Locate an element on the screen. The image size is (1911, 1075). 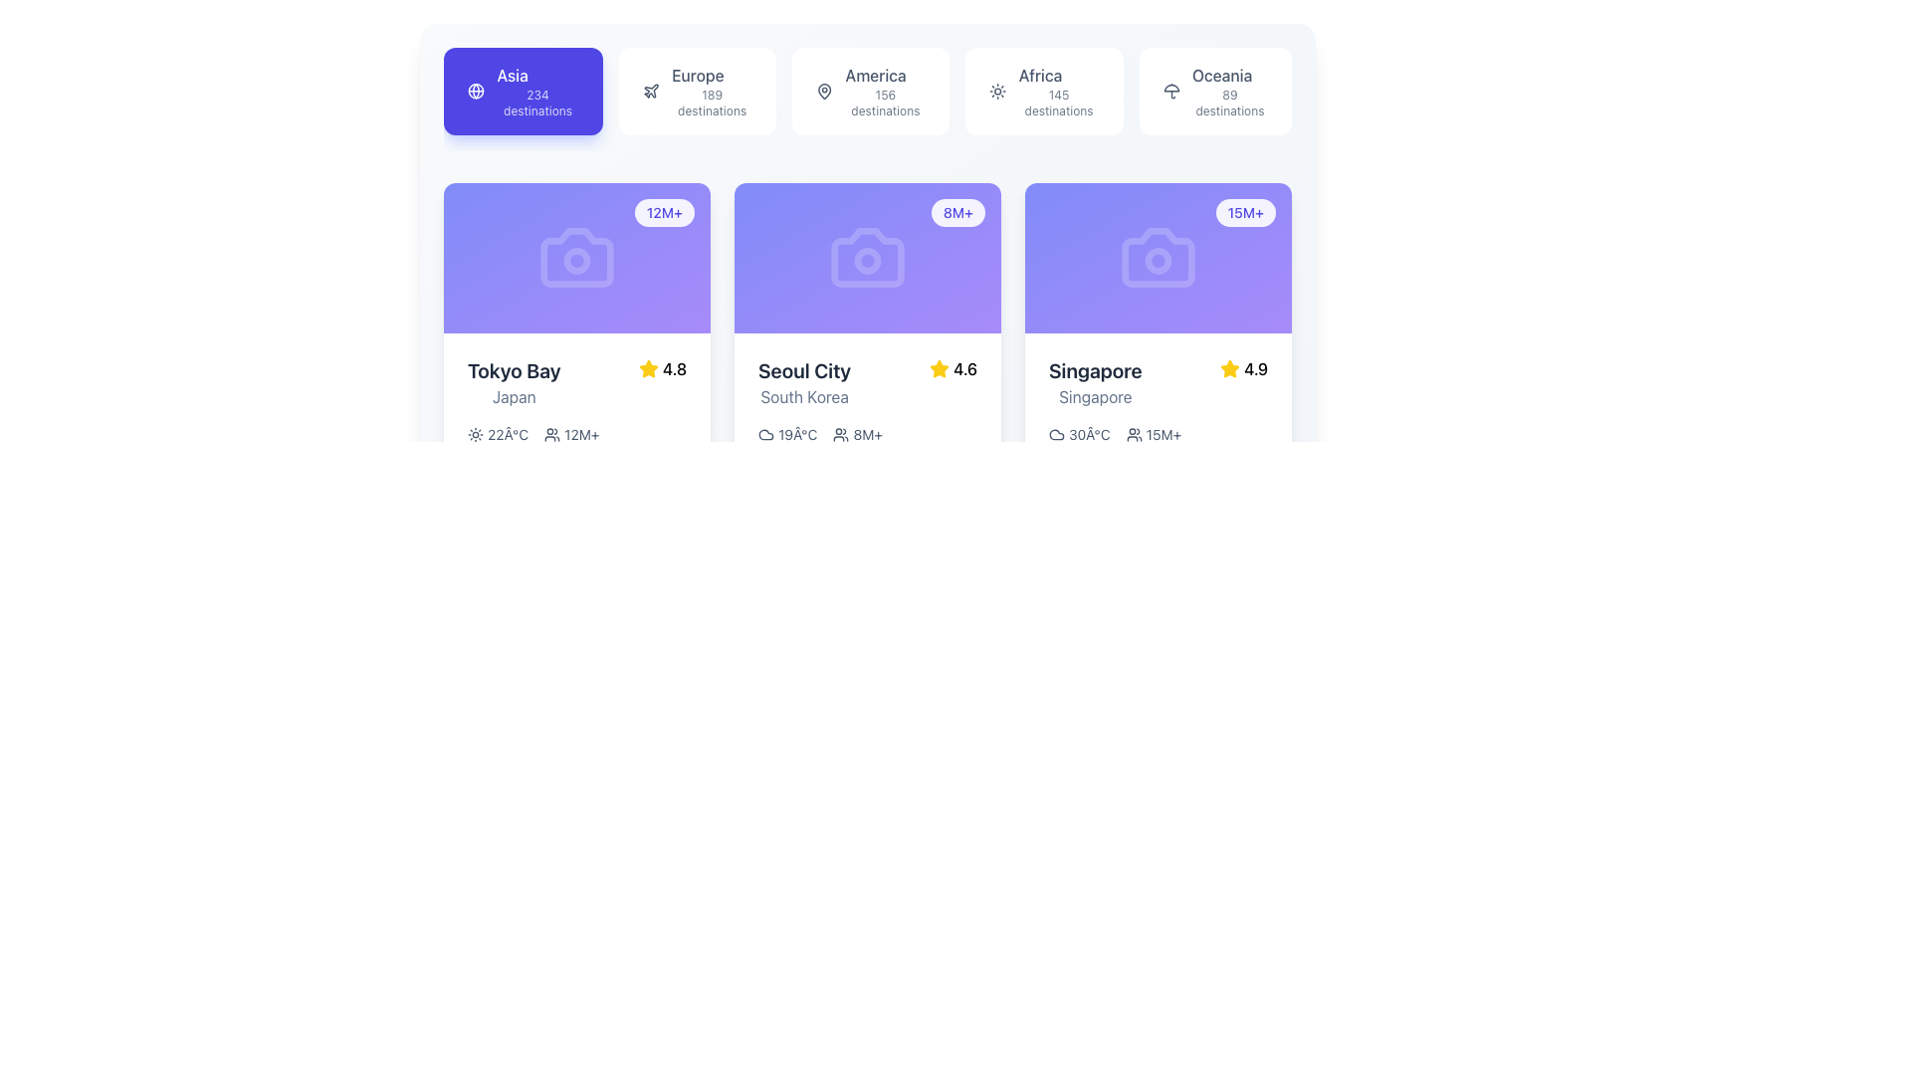
the small text component displaying '22Â°C' located in the weather information group of the Tokyo Bay card, positioned to the right of a sun icon is located at coordinates (508, 433).